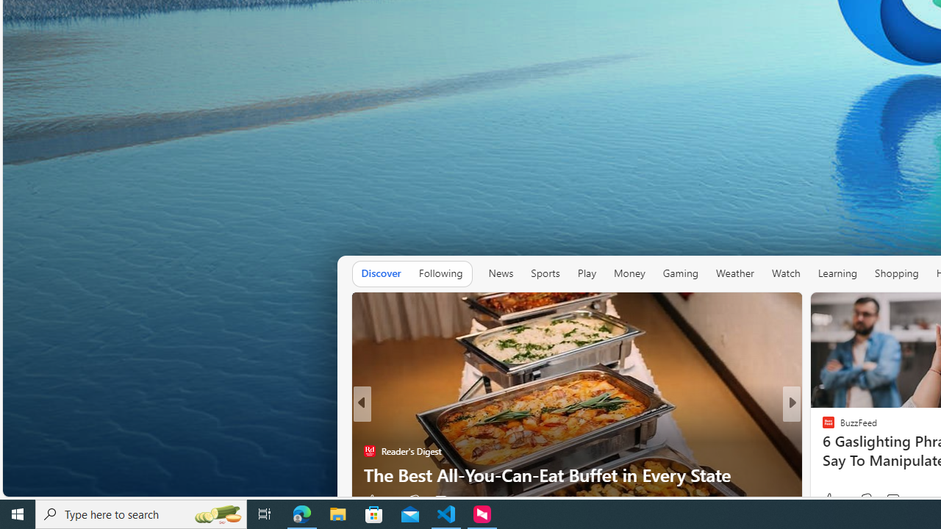  Describe the element at coordinates (264, 513) in the screenshot. I see `'Task View'` at that location.